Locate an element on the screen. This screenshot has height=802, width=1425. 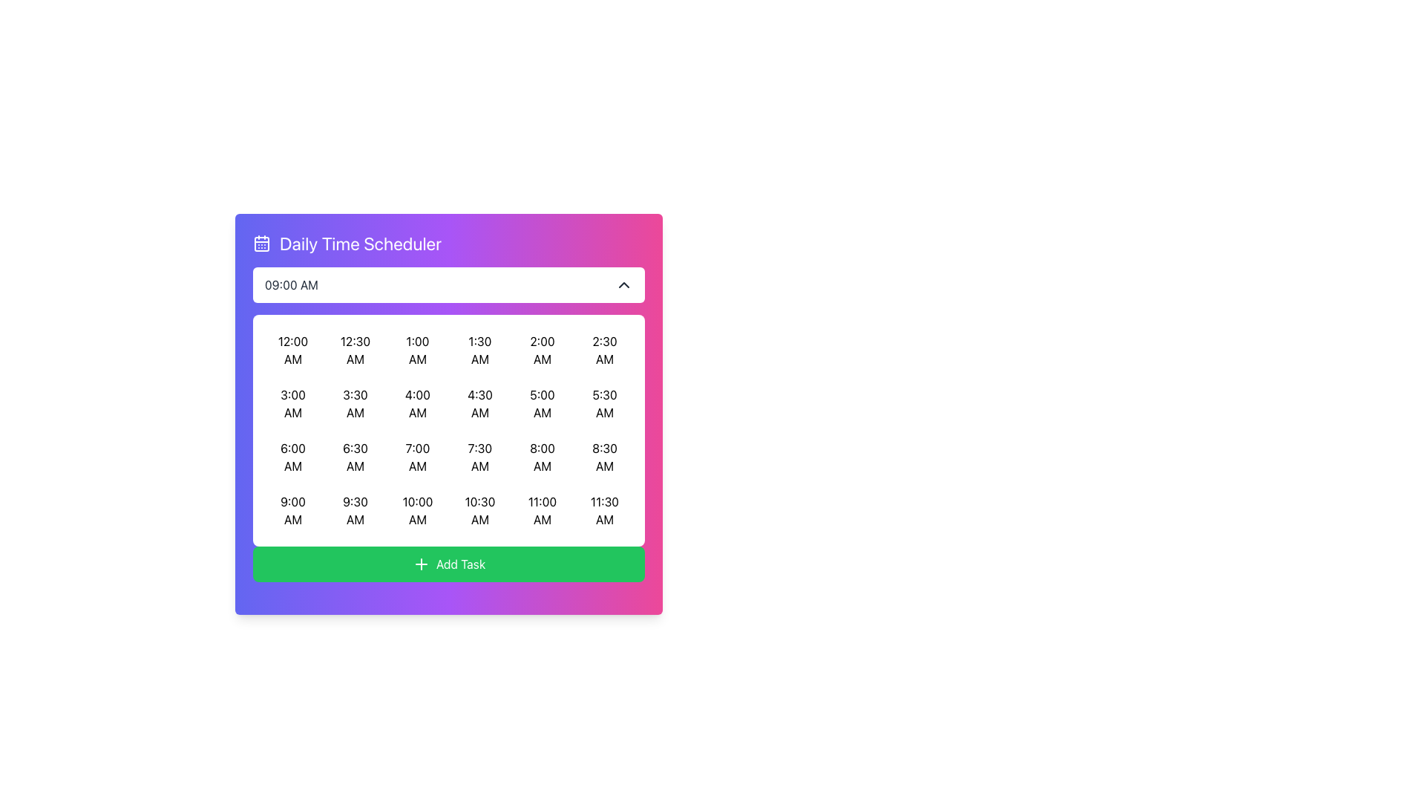
the button displaying '1:00 AM' in the third column of the grid under 'Daily Time Scheduler' is located at coordinates (416, 350).